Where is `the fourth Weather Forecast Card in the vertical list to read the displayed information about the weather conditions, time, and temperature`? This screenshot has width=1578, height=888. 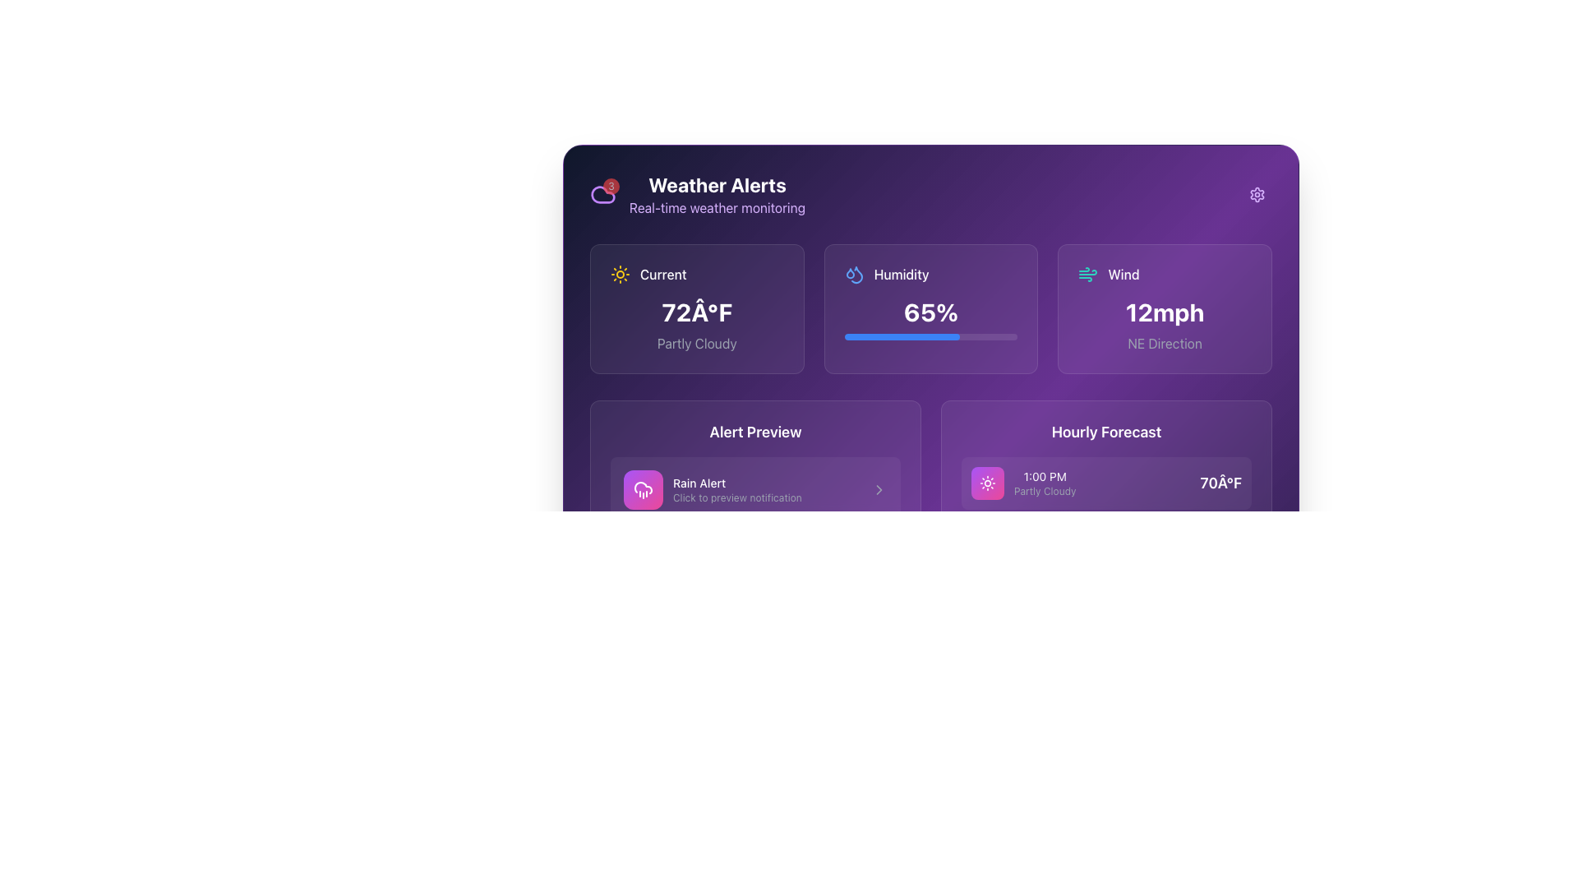
the fourth Weather Forecast Card in the vertical list to read the displayed information about the weather conditions, time, and temperature is located at coordinates (1106, 681).